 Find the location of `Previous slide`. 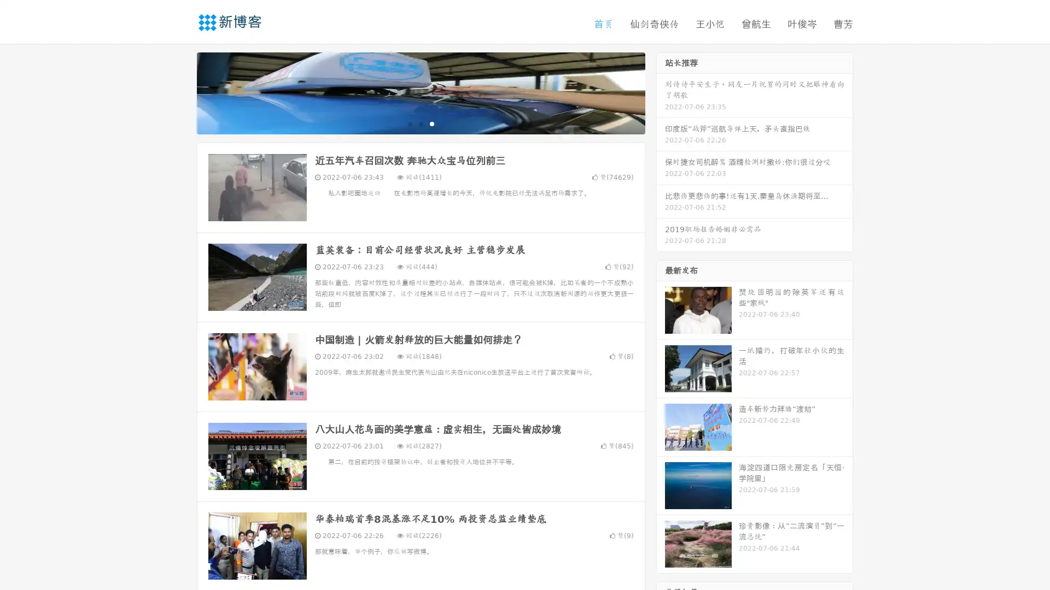

Previous slide is located at coordinates (180, 92).